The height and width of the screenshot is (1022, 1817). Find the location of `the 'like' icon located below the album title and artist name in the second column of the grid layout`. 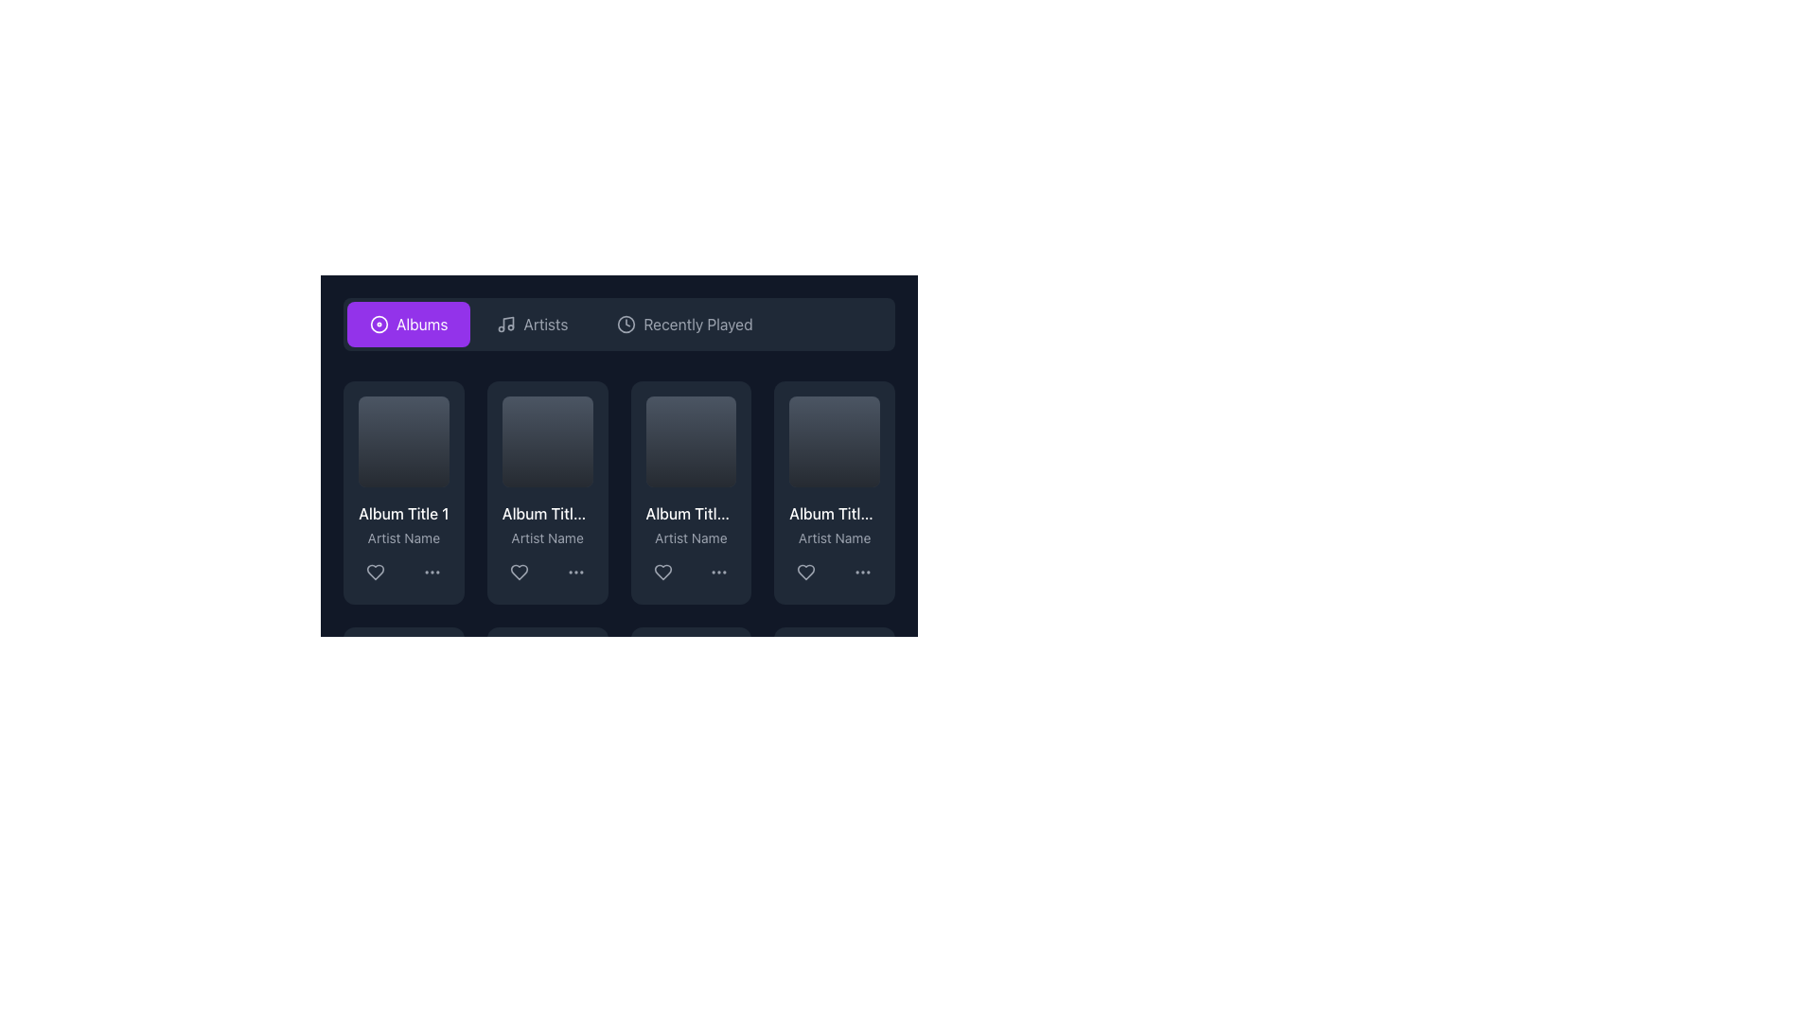

the 'like' icon located below the album title and artist name in the second column of the grid layout is located at coordinates (519, 571).